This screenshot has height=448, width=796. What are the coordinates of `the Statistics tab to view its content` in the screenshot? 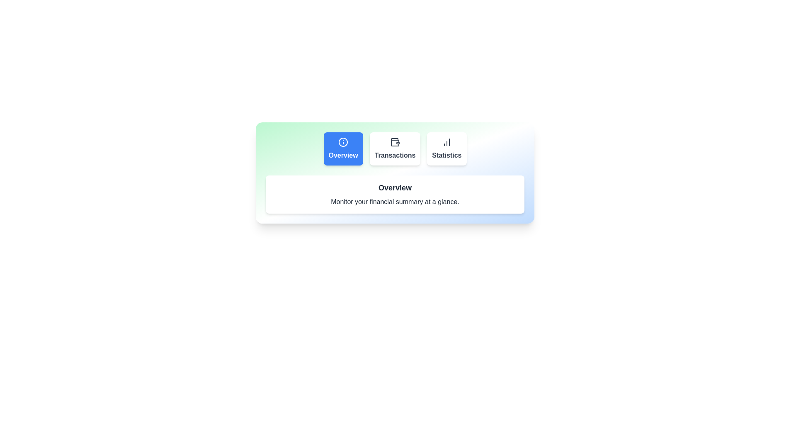 It's located at (446, 148).